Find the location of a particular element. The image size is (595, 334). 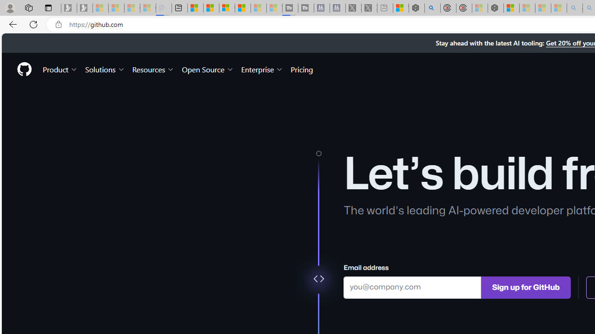

'Product' is located at coordinates (60, 69).